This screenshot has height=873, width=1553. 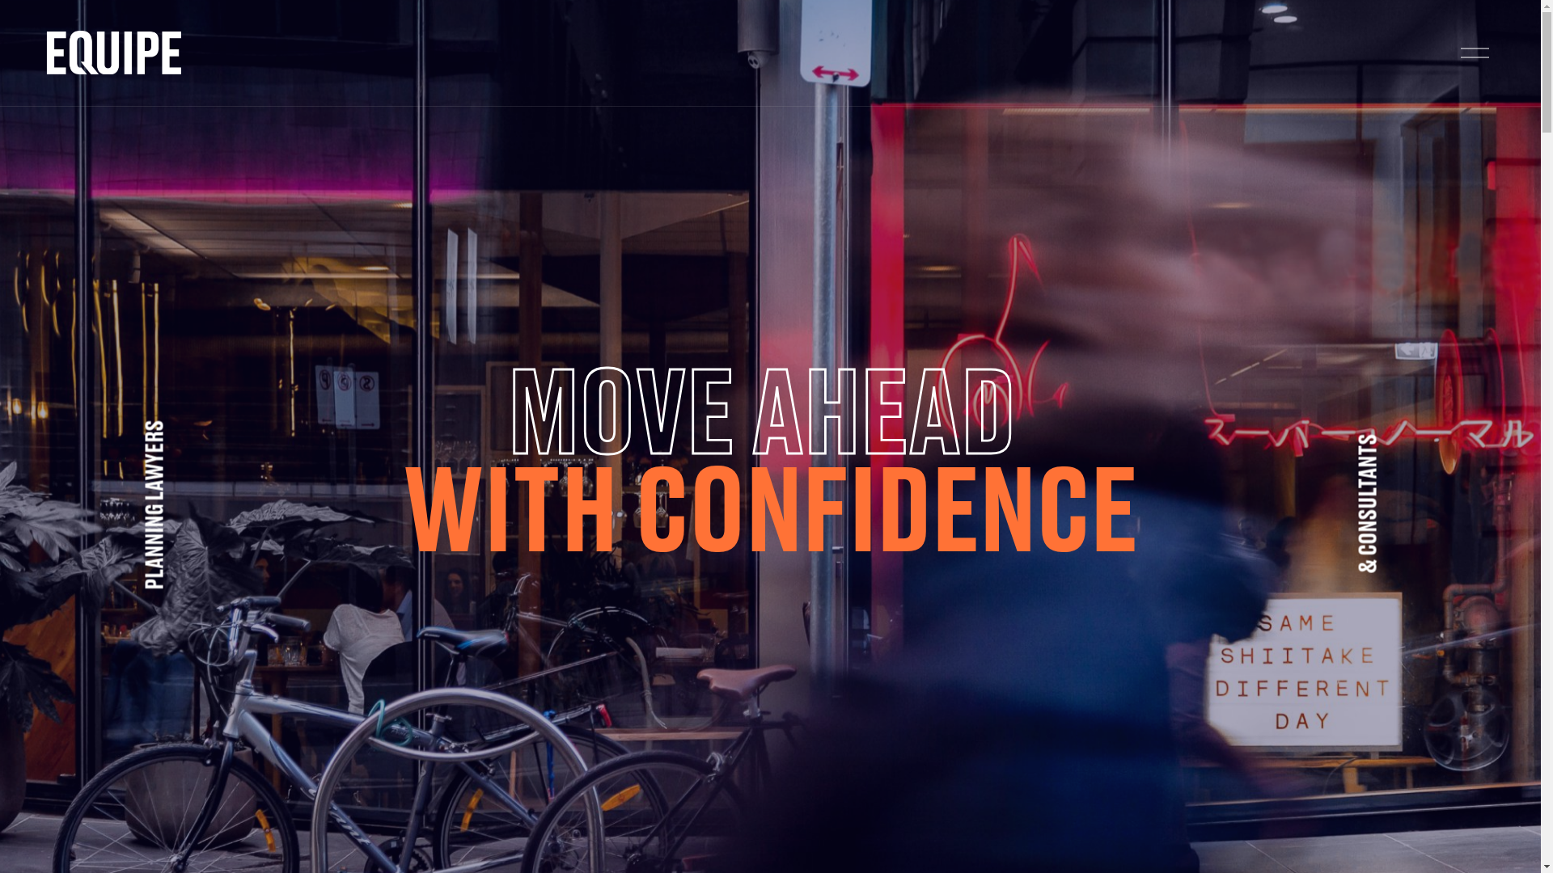 What do you see at coordinates (1475, 52) in the screenshot?
I see `'Open Menu'` at bounding box center [1475, 52].